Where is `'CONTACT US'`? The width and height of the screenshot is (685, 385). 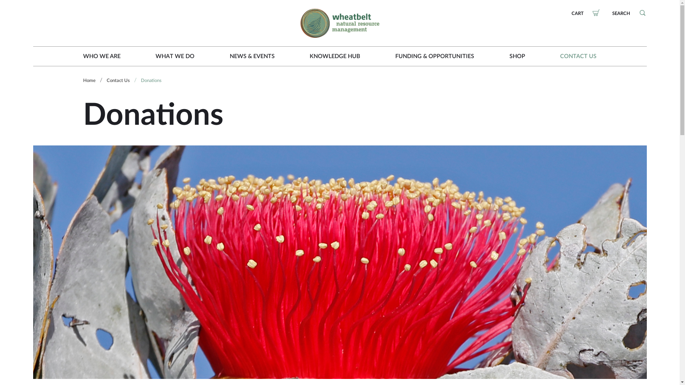 'CONTACT US' is located at coordinates (578, 56).